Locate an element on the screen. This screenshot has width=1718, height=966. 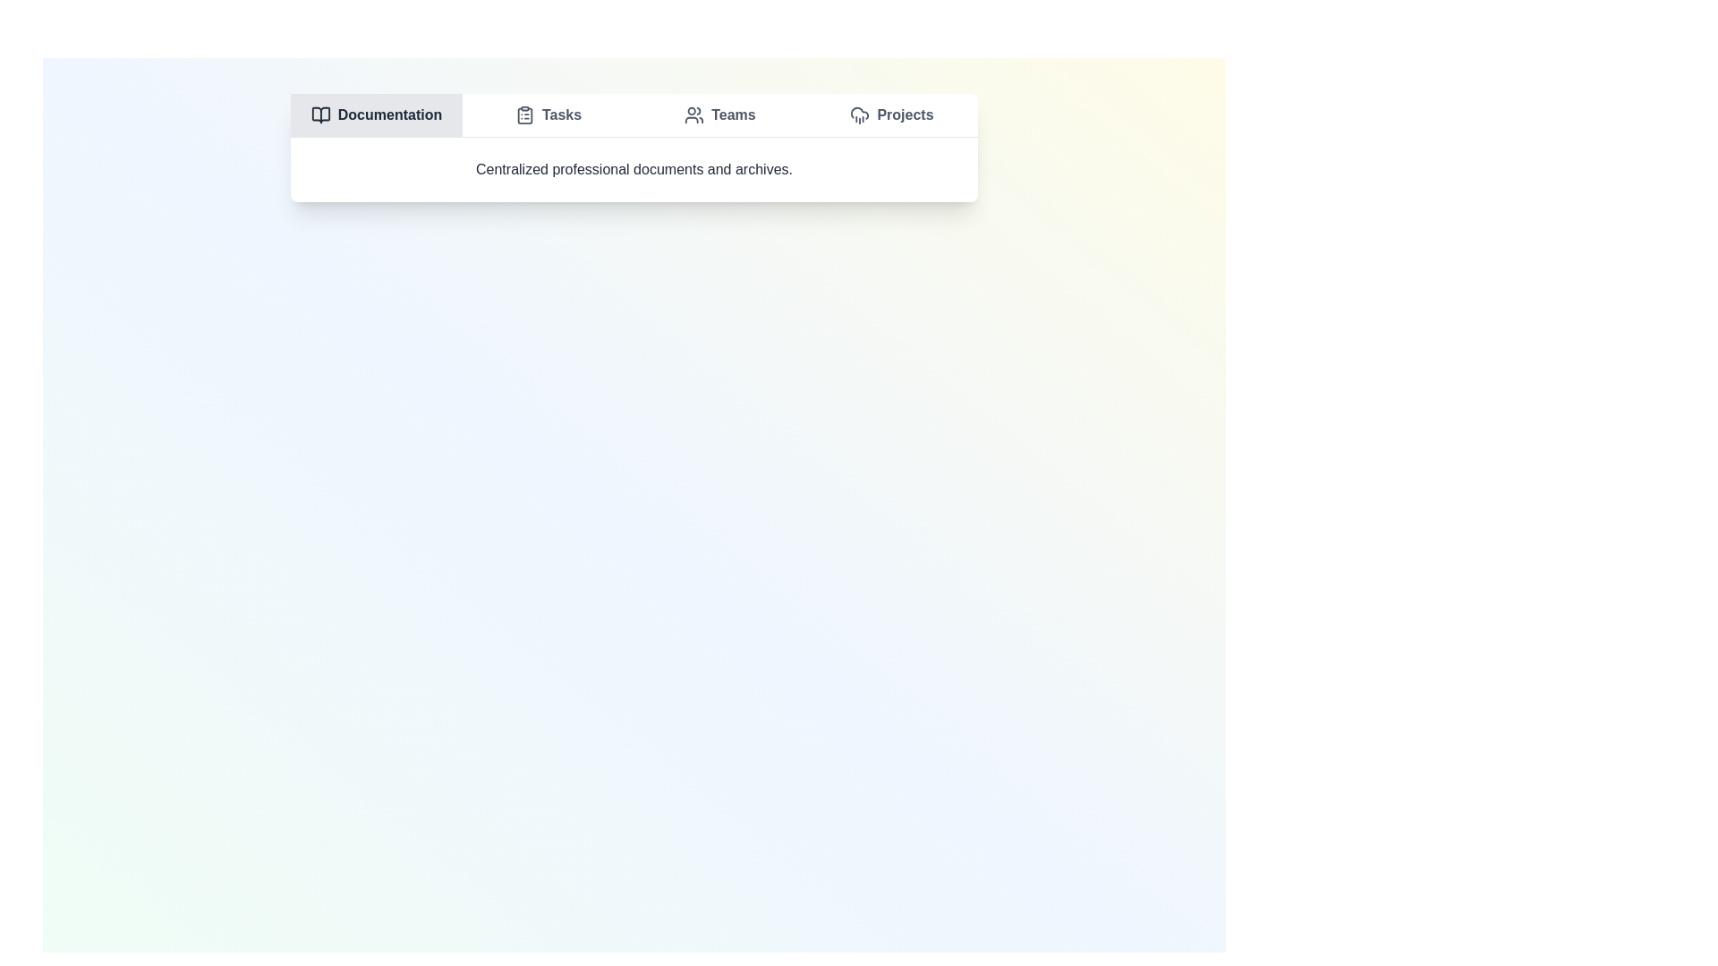
the tab labeled Teams to view its hover effects is located at coordinates (720, 114).